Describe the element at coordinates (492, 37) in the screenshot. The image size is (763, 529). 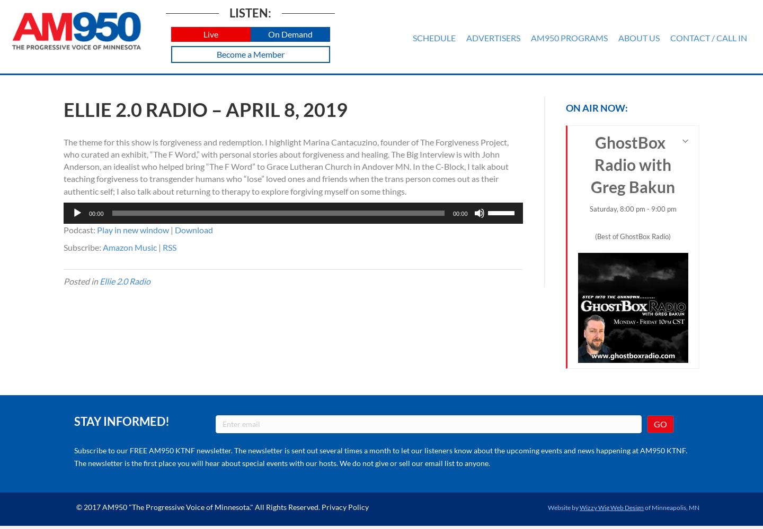
I see `'ADVERTISERS'` at that location.